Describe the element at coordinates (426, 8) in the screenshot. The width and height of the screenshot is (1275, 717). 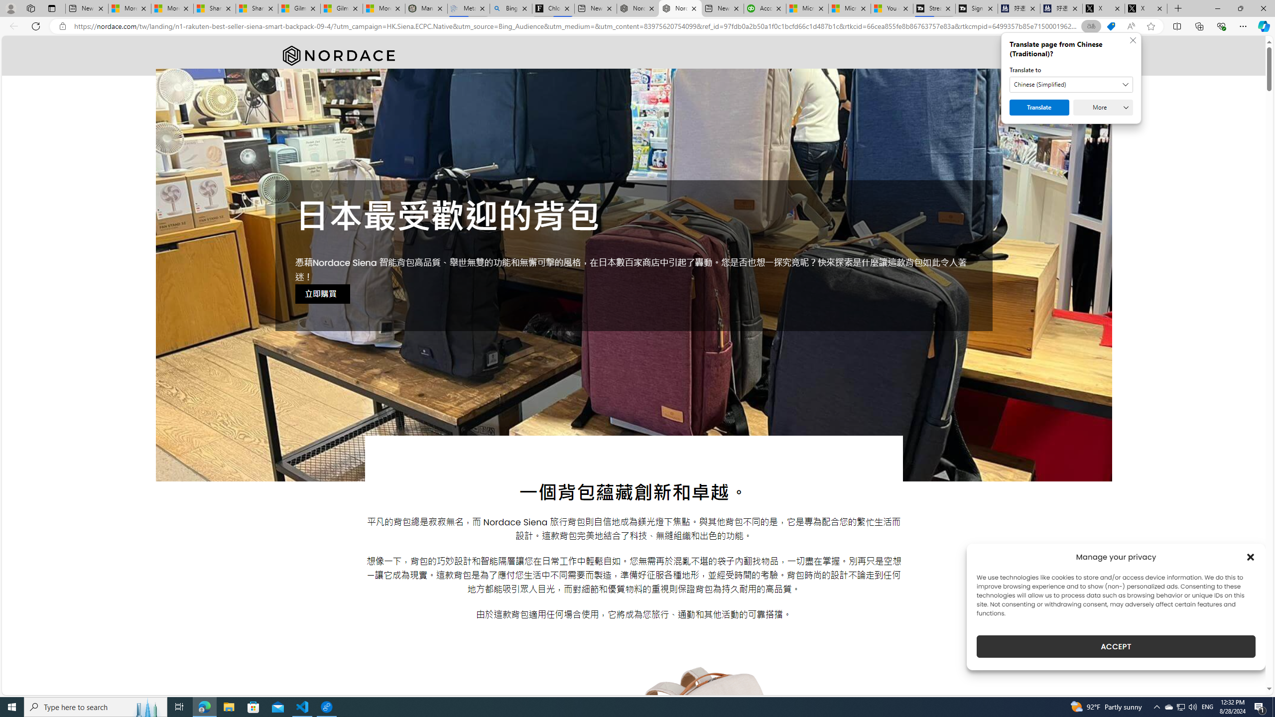
I see `'Manatee Mortality Statistics | FWC'` at that location.